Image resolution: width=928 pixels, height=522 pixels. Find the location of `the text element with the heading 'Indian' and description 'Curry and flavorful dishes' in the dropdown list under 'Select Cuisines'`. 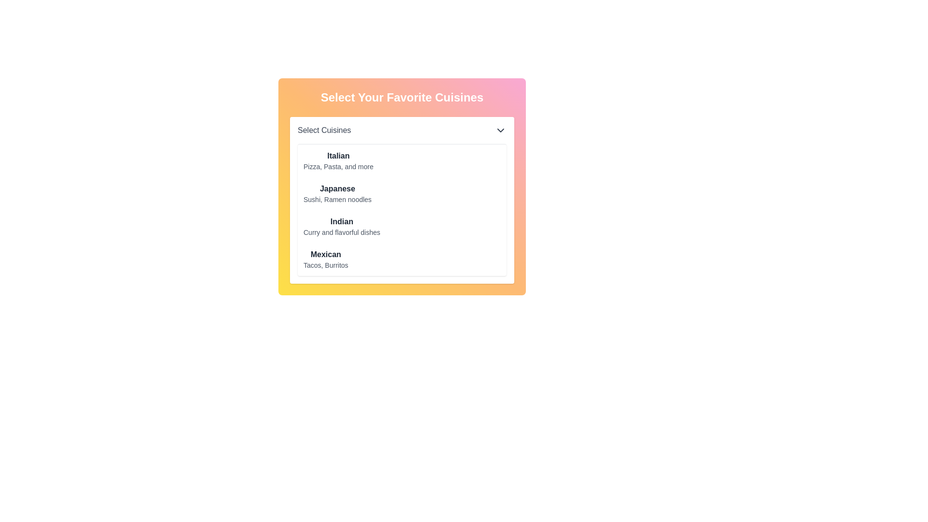

the text element with the heading 'Indian' and description 'Curry and flavorful dishes' in the dropdown list under 'Select Cuisines' is located at coordinates (342, 227).